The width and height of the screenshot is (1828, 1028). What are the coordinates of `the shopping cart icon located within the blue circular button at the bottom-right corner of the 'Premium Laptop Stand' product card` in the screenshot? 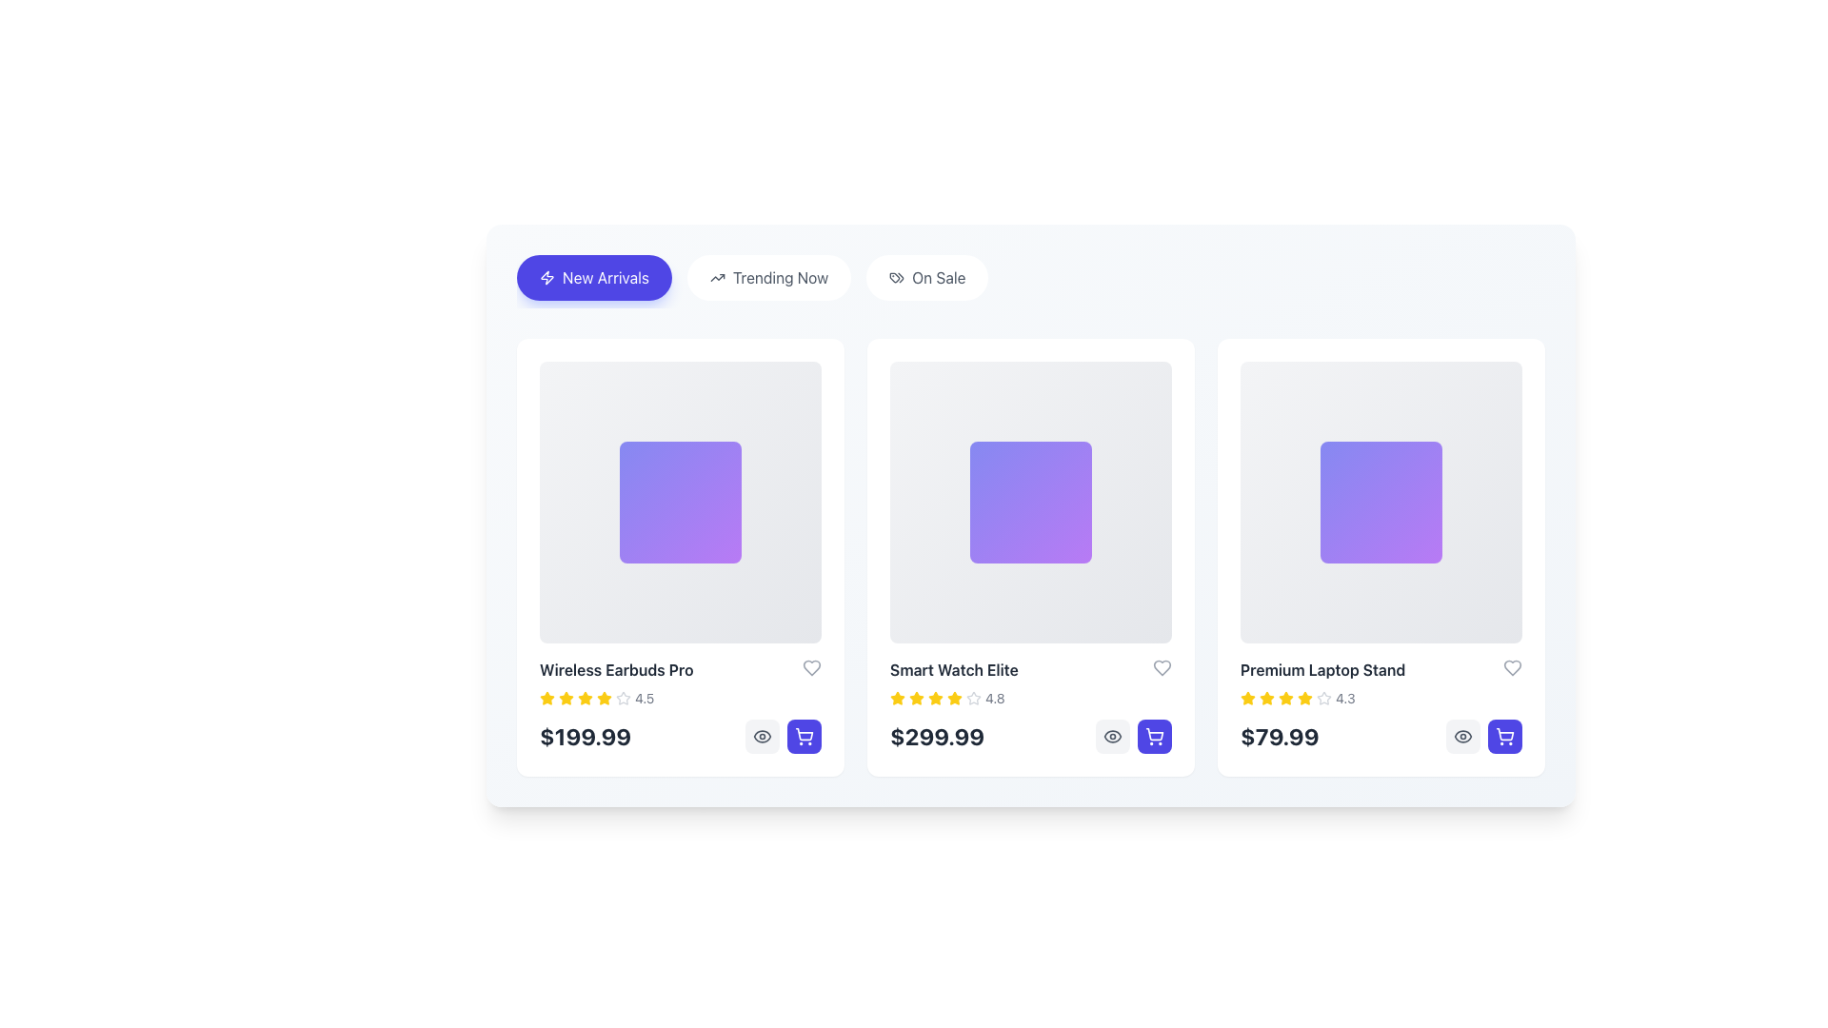 It's located at (1154, 733).